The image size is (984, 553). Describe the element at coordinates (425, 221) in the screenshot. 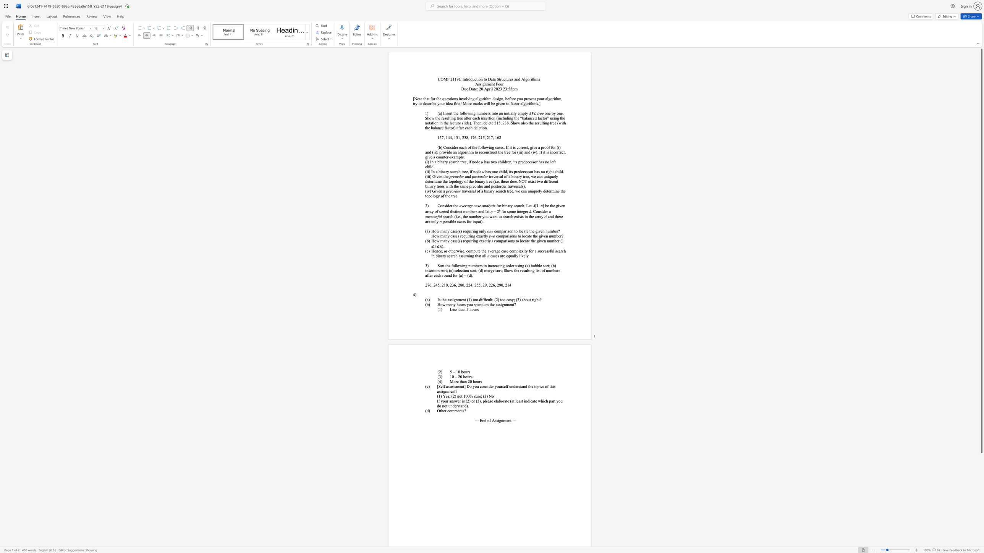

I see `the subset text "ar" within the text "and there are only"` at that location.